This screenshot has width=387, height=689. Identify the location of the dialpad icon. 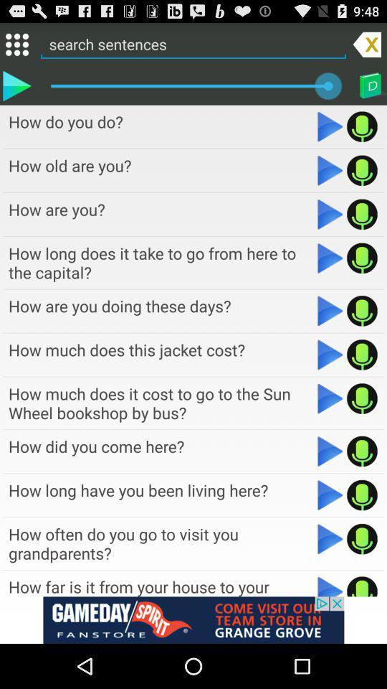
(16, 47).